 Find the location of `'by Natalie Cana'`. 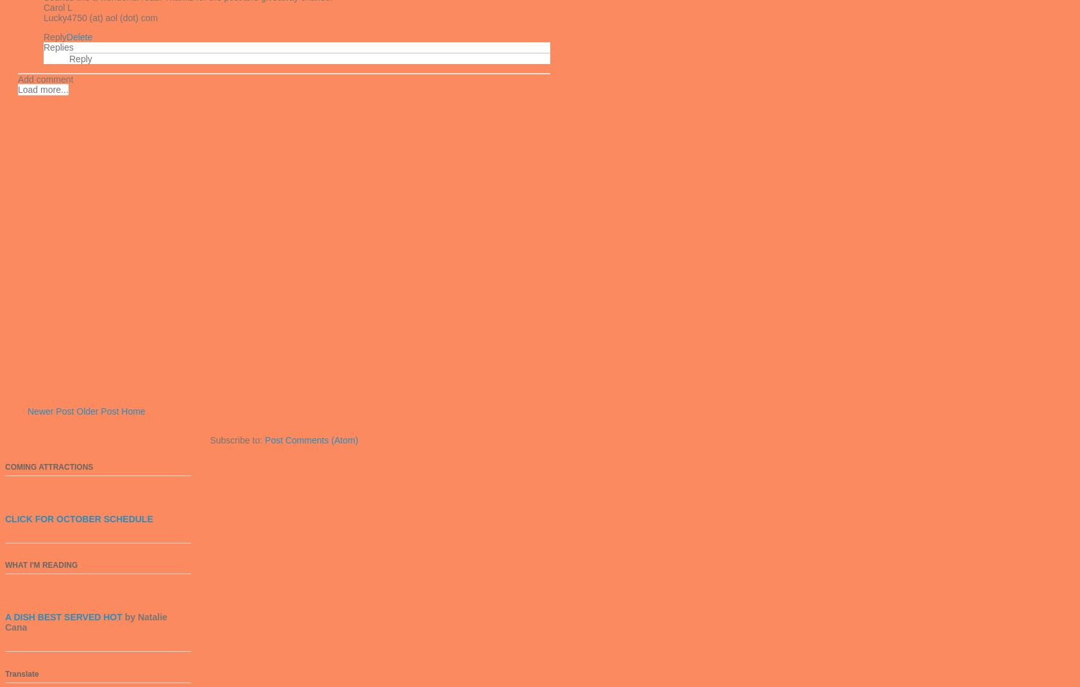

'by Natalie Cana' is located at coordinates (85, 622).